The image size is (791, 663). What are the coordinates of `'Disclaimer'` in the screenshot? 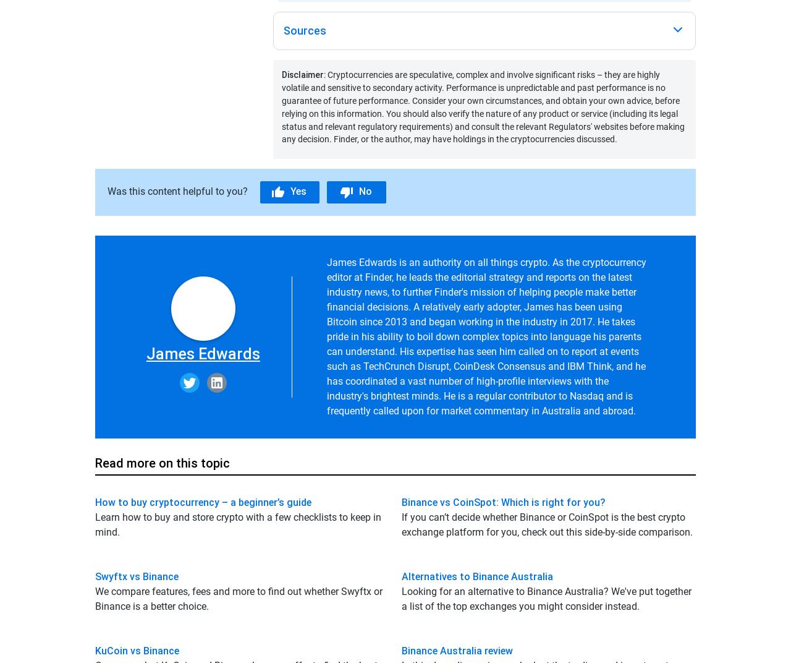 It's located at (302, 75).